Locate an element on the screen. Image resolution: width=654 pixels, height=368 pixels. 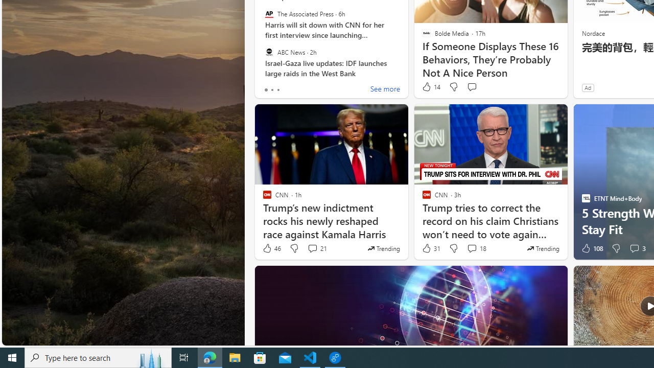
'View comments 18 Comment' is located at coordinates (476, 248).